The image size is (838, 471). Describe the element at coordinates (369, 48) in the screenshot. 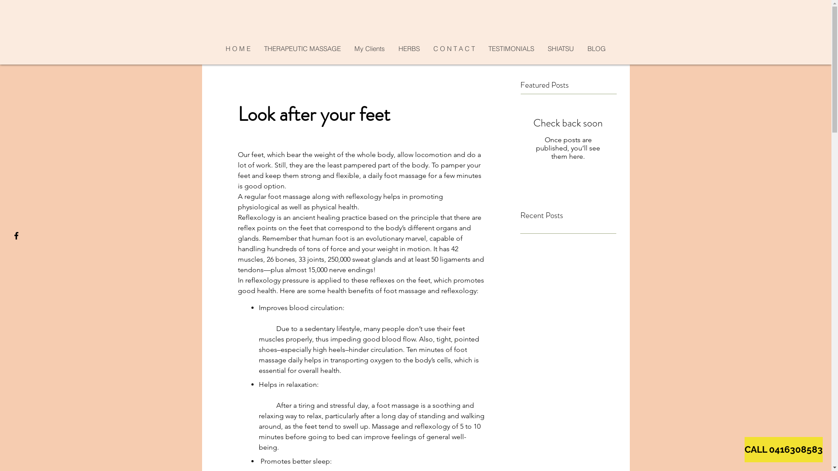

I see `'My Clients'` at that location.